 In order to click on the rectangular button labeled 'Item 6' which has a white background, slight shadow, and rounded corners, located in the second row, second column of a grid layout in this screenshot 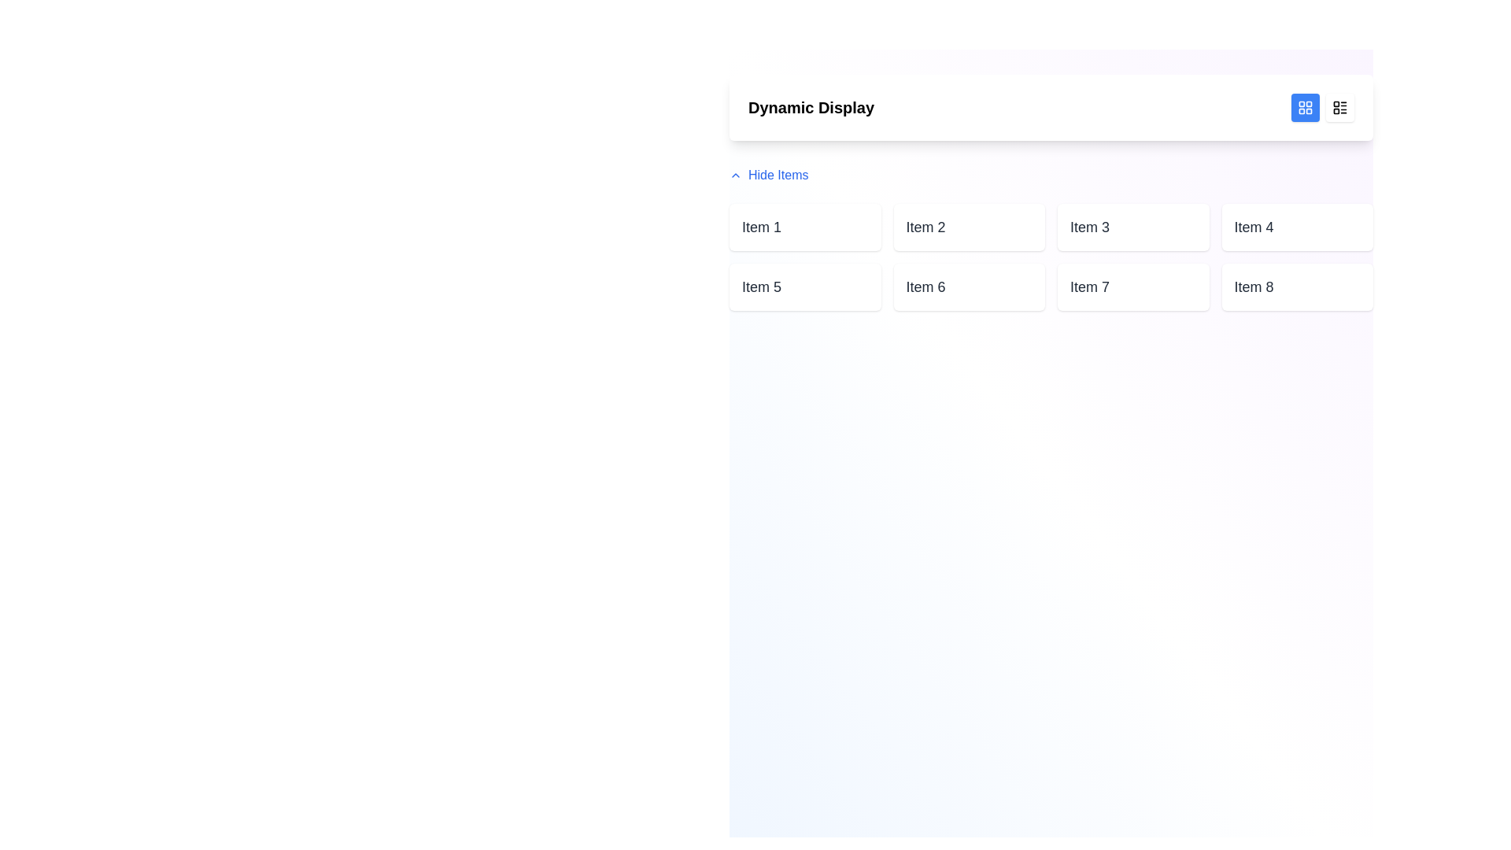, I will do `click(968, 287)`.